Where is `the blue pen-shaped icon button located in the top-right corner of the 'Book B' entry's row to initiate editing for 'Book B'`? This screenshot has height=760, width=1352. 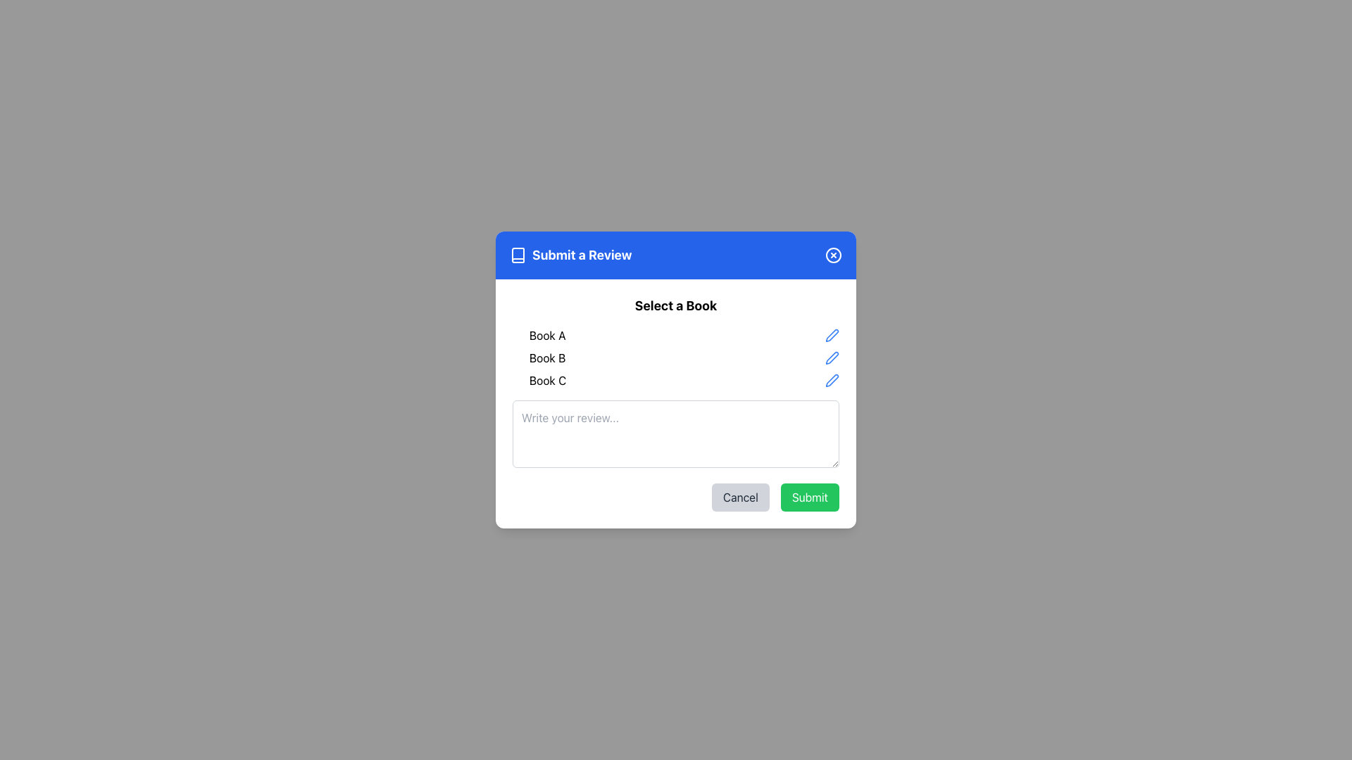 the blue pen-shaped icon button located in the top-right corner of the 'Book B' entry's row to initiate editing for 'Book B' is located at coordinates (832, 357).